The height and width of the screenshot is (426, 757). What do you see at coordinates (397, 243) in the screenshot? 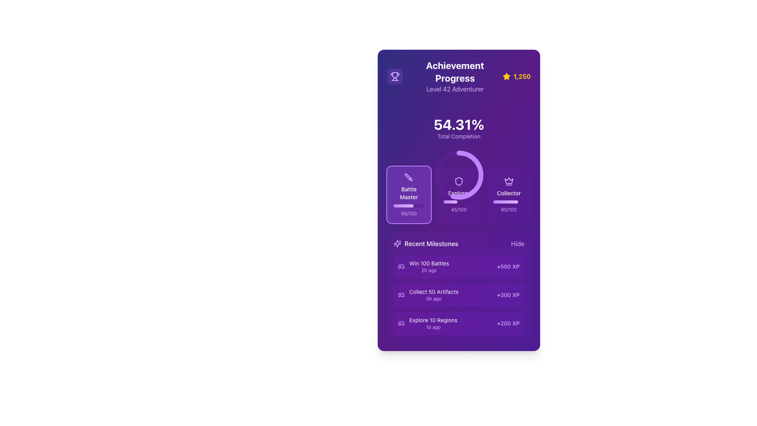
I see `the decorative SVG icon located at the top-left of the 'Recent Milestones' section, which is centrally aligned with the 'Recent Milestones' heading` at bounding box center [397, 243].